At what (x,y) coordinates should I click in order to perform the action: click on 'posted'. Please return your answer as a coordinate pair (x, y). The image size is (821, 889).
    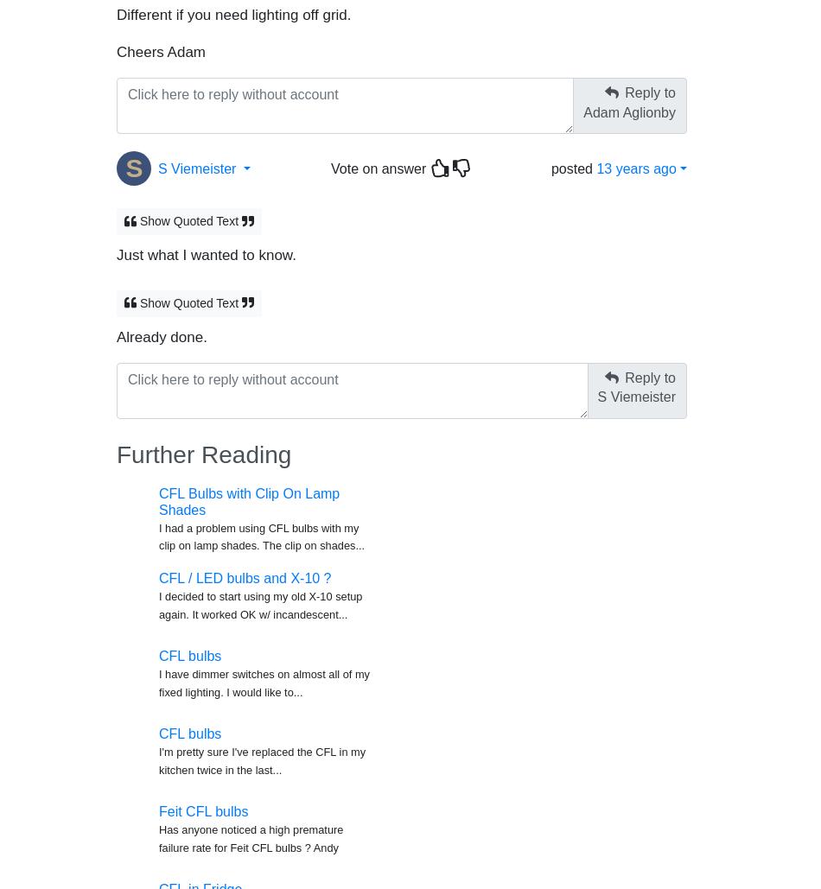
    Looking at the image, I should click on (573, 160).